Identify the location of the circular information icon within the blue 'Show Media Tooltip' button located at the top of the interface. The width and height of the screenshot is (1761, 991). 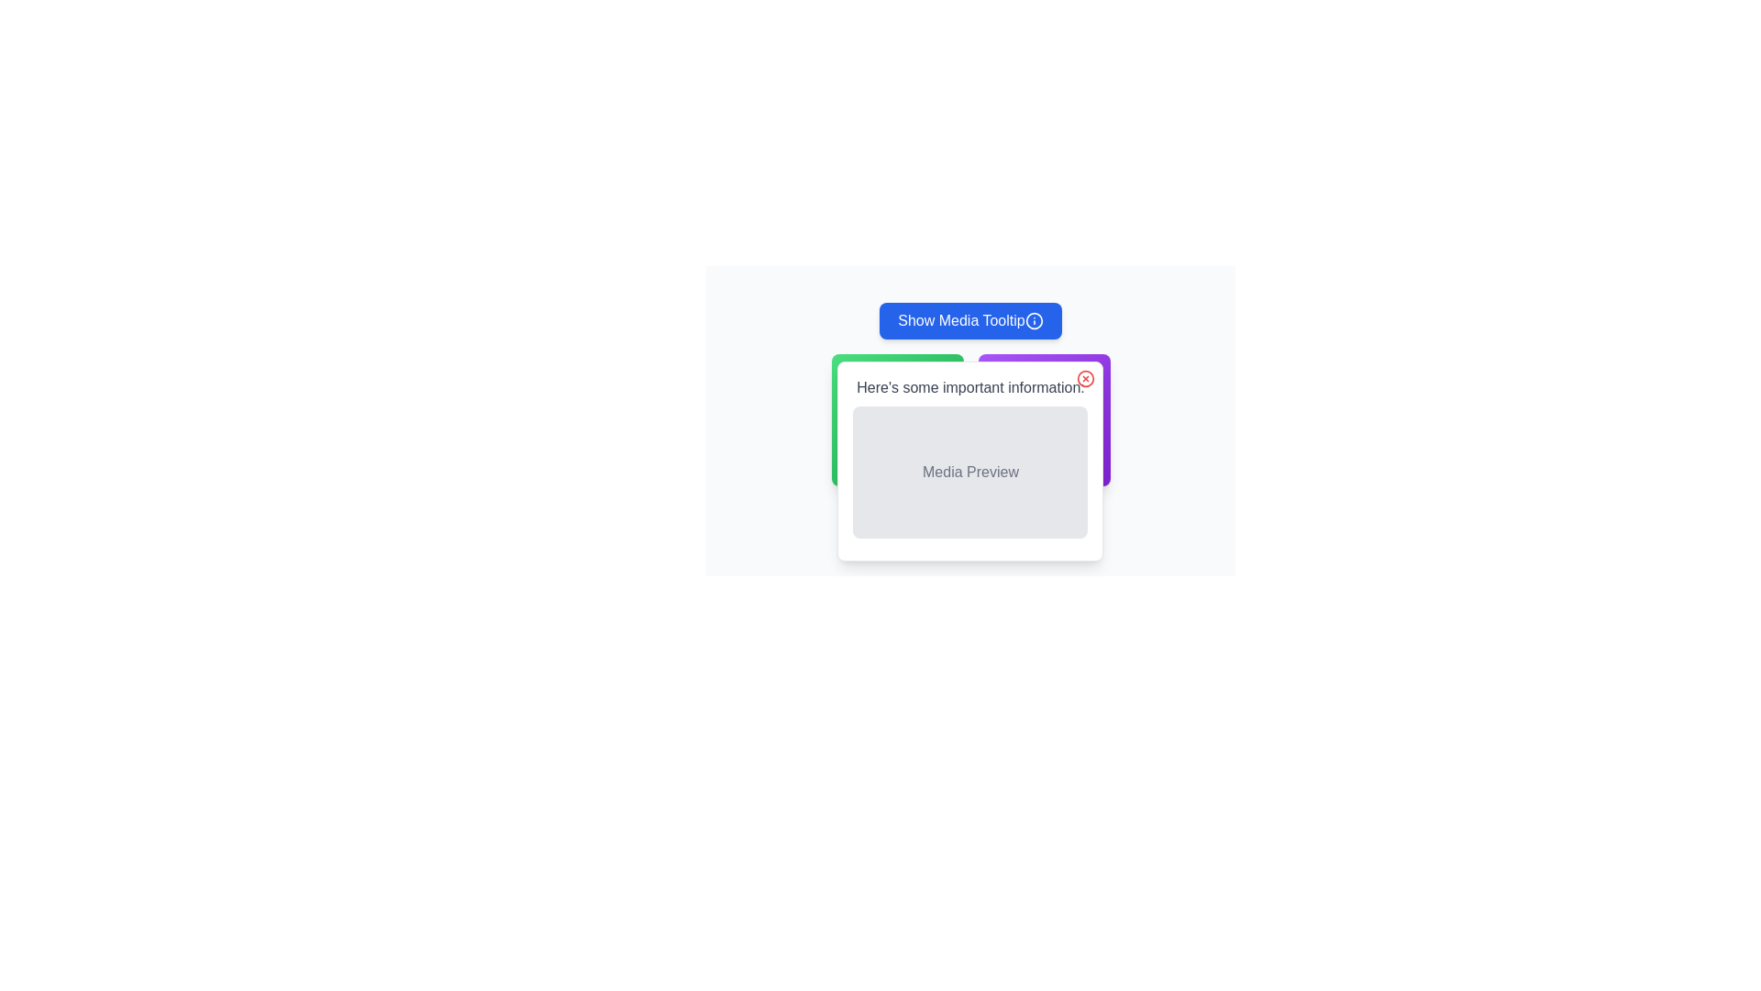
(1034, 320).